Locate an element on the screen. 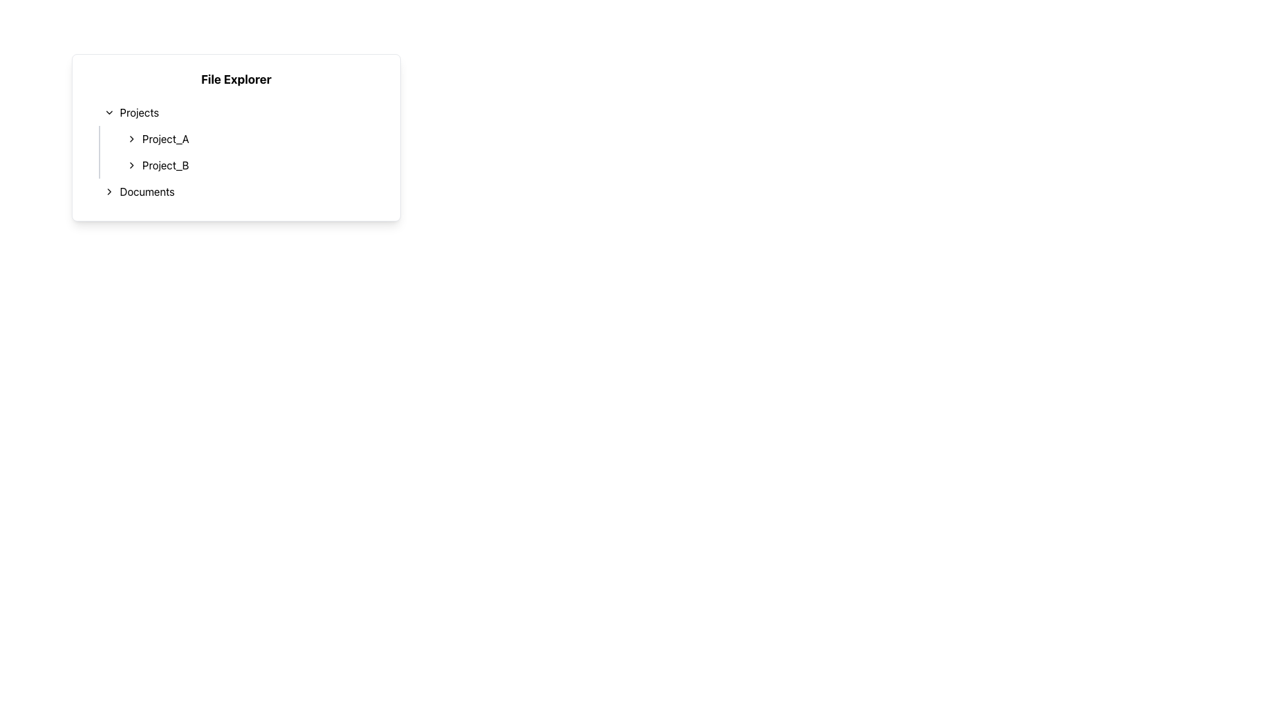  the 'Project_A' entry in the project navigation list is located at coordinates (247, 139).